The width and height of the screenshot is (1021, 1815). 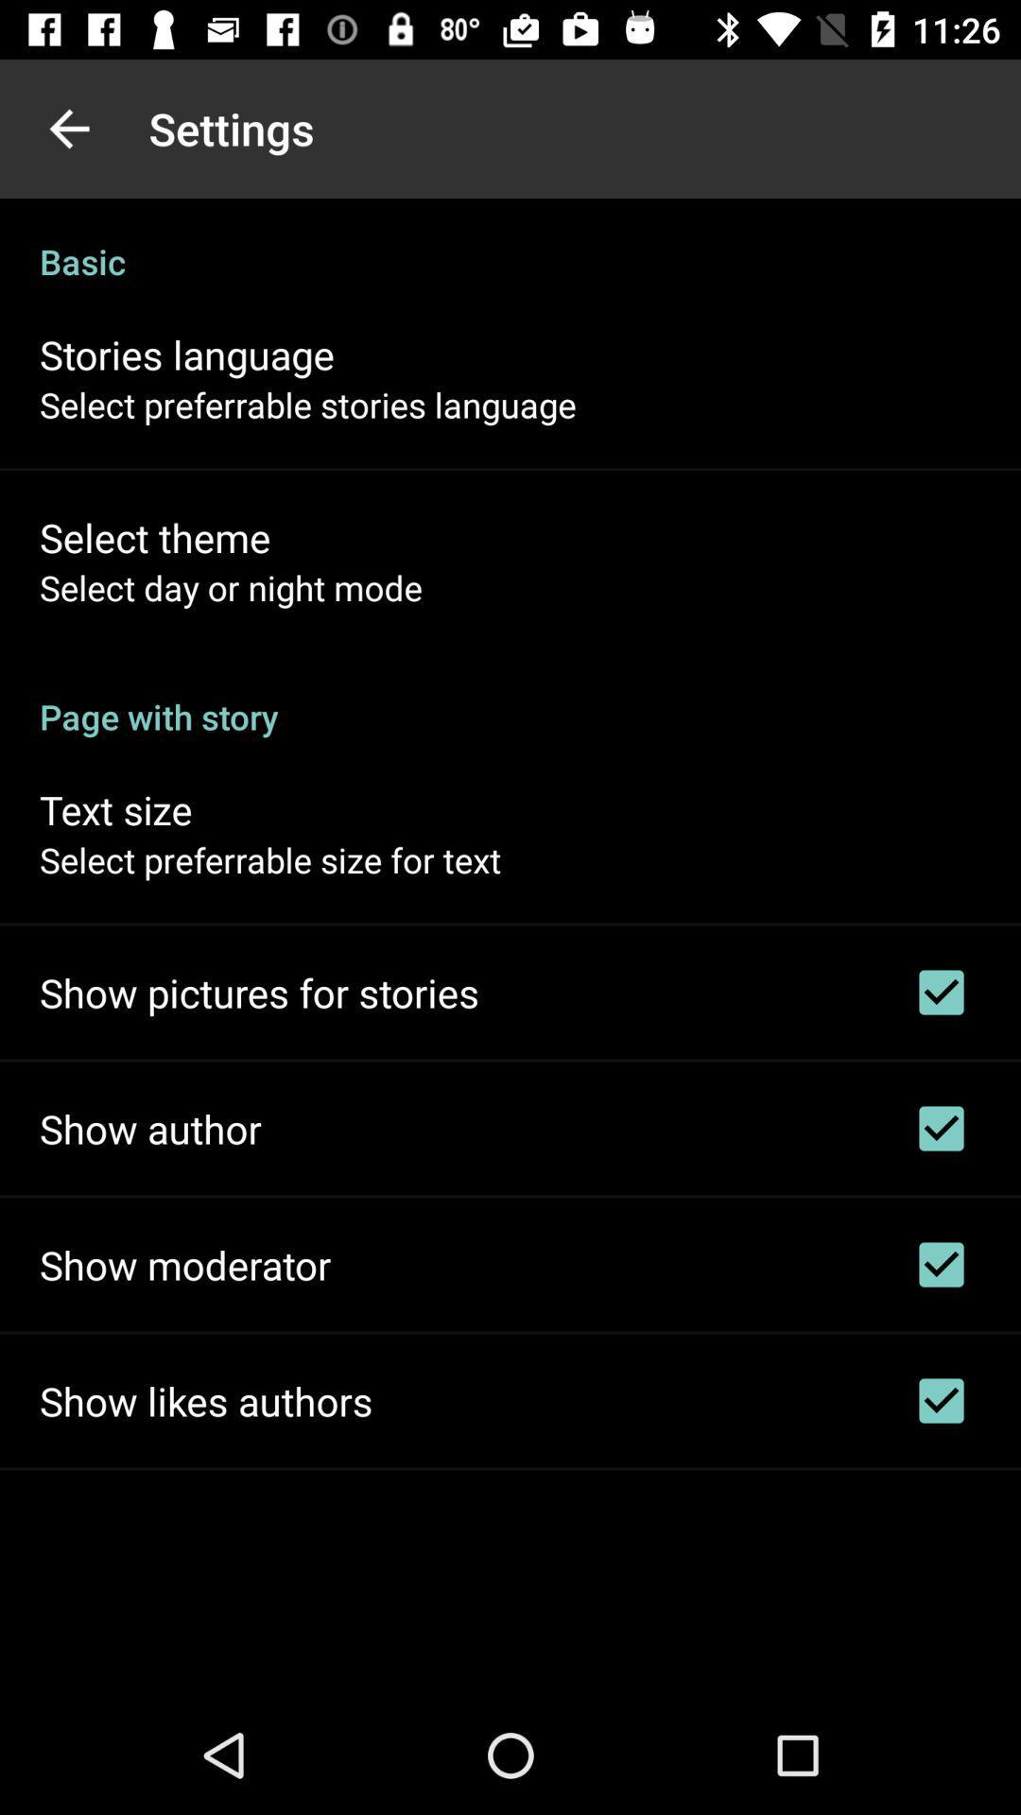 What do you see at coordinates (154, 536) in the screenshot?
I see `icon above select day or item` at bounding box center [154, 536].